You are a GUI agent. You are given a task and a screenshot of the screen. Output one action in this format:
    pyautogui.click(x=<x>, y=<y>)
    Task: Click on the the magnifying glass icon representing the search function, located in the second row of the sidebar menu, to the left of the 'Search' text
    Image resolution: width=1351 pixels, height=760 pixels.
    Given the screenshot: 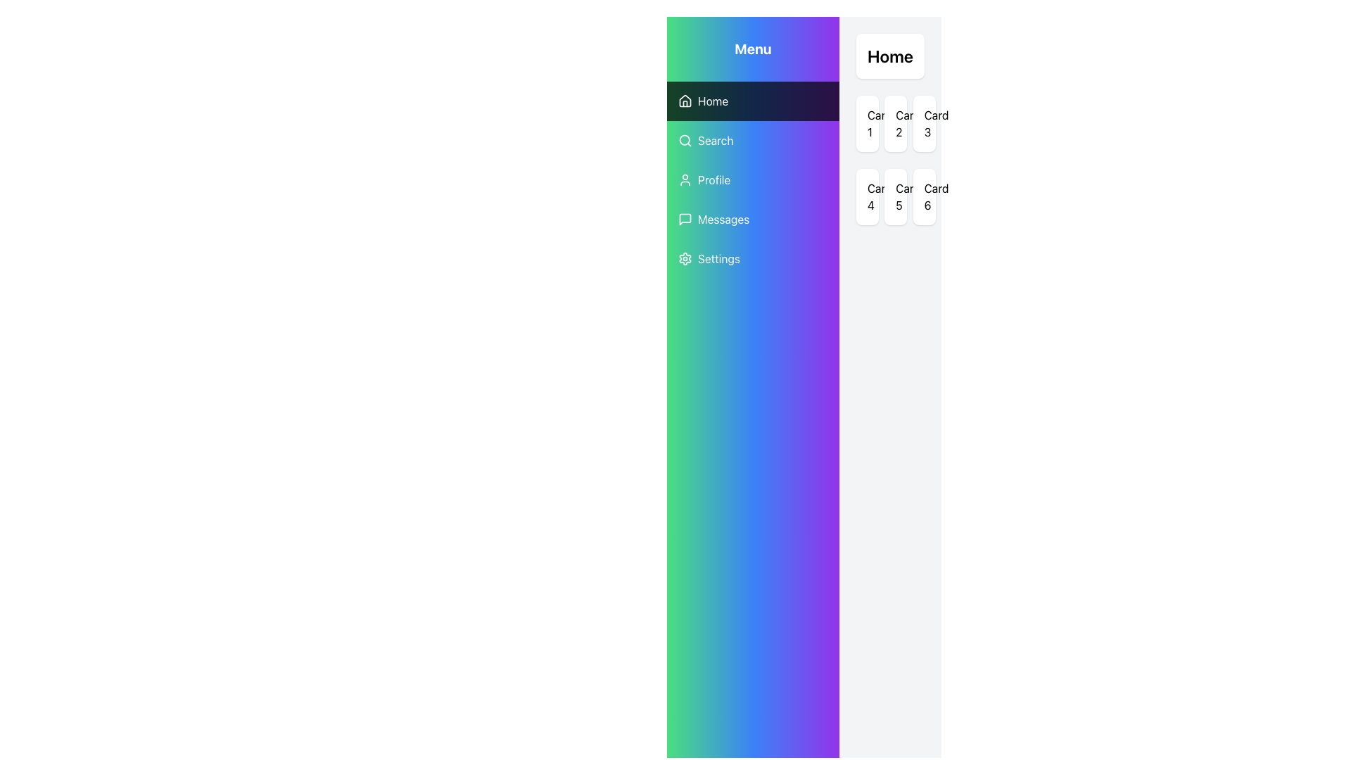 What is the action you would take?
    pyautogui.click(x=685, y=141)
    